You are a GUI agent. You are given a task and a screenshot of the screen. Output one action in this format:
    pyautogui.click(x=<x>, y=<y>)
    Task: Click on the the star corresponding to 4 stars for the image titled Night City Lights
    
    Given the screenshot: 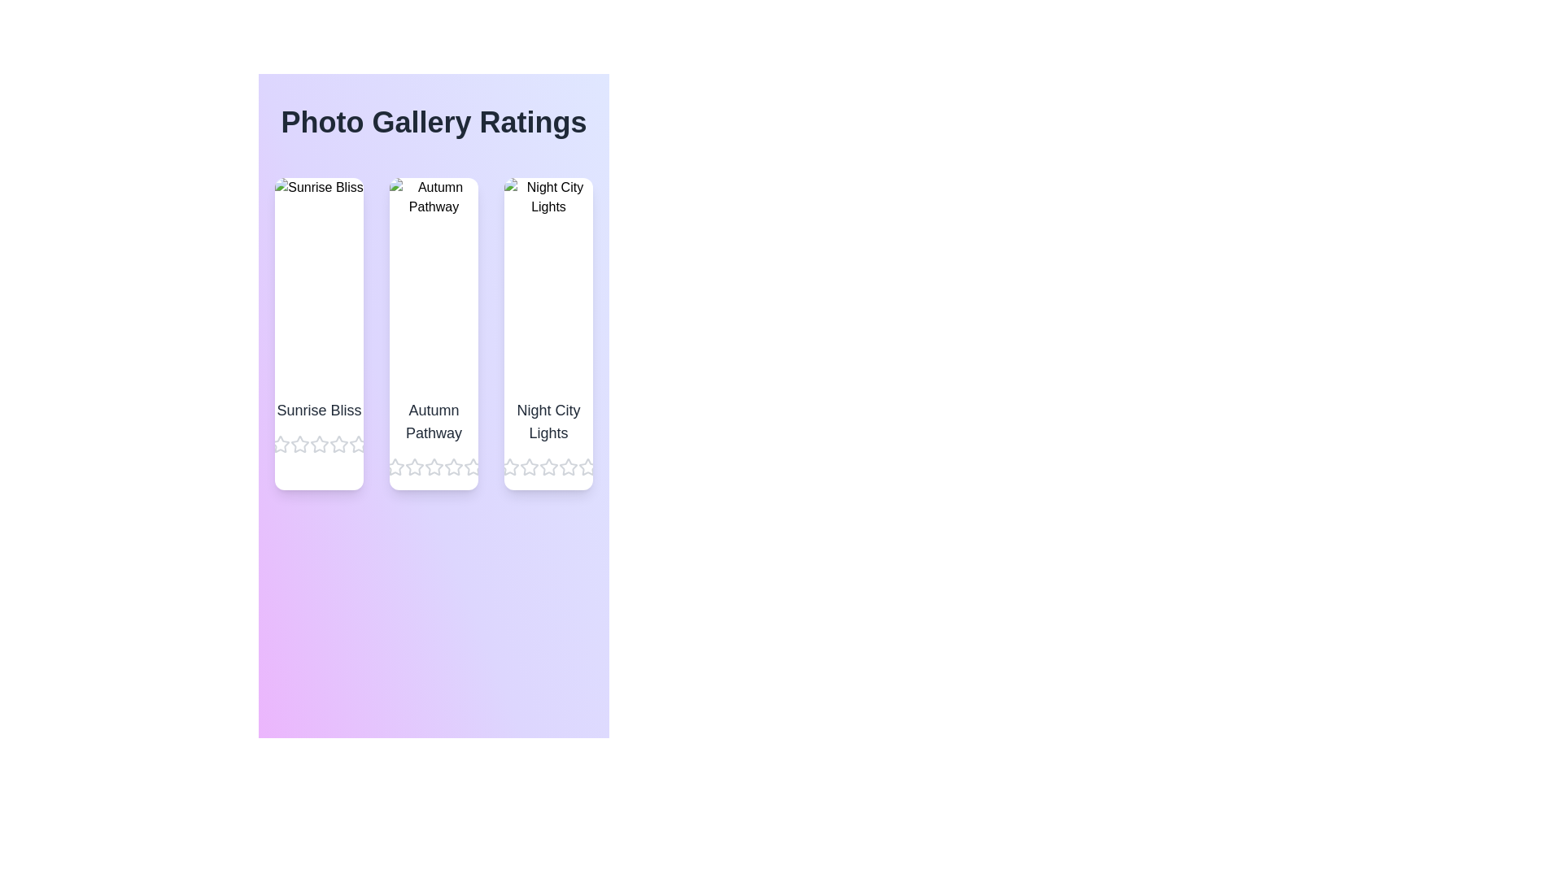 What is the action you would take?
    pyautogui.click(x=568, y=467)
    